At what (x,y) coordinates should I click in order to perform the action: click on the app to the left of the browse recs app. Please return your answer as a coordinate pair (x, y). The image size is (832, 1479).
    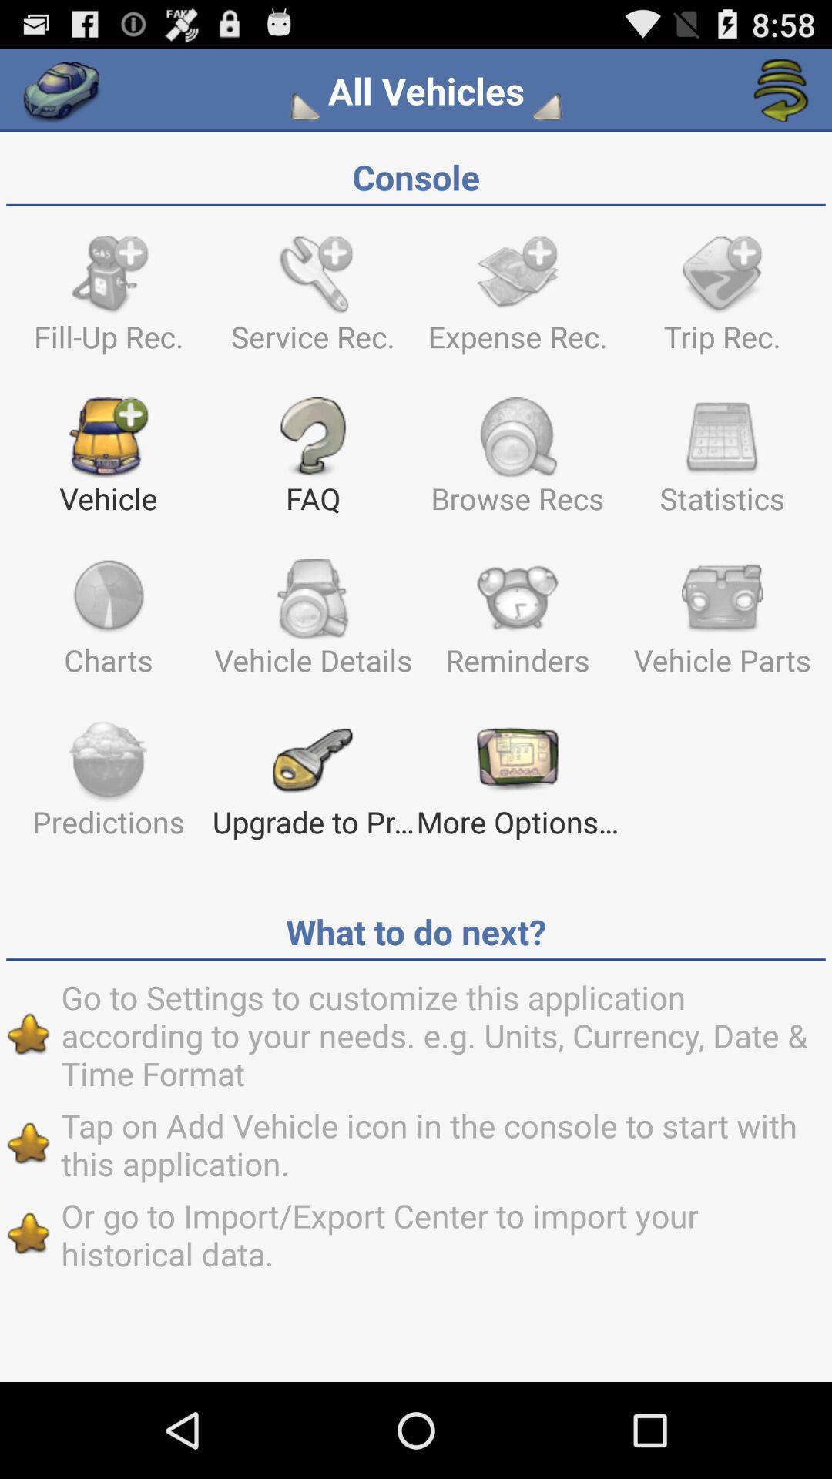
    Looking at the image, I should click on (312, 462).